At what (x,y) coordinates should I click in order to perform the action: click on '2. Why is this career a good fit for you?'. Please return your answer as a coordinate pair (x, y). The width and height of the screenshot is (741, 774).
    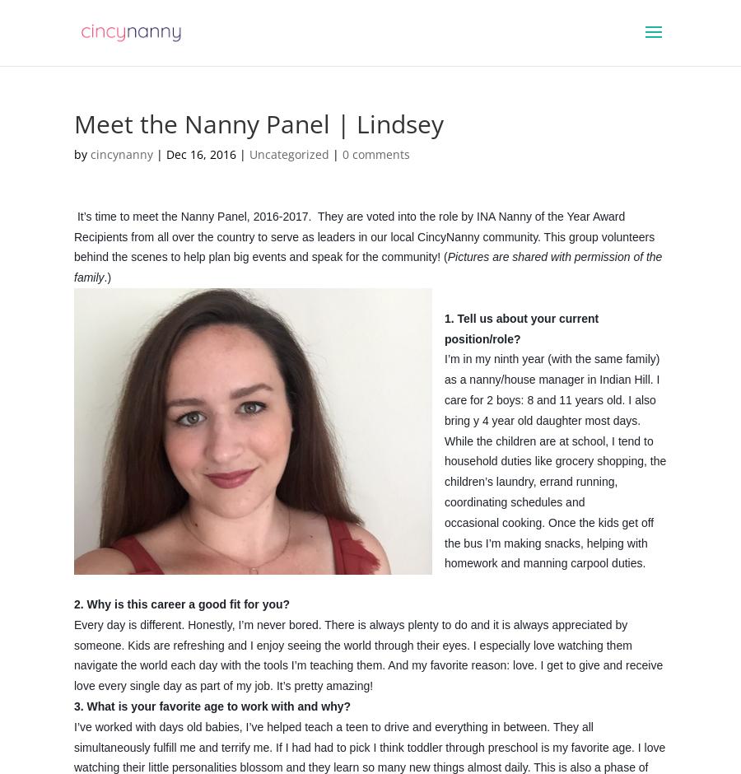
    Looking at the image, I should click on (184, 604).